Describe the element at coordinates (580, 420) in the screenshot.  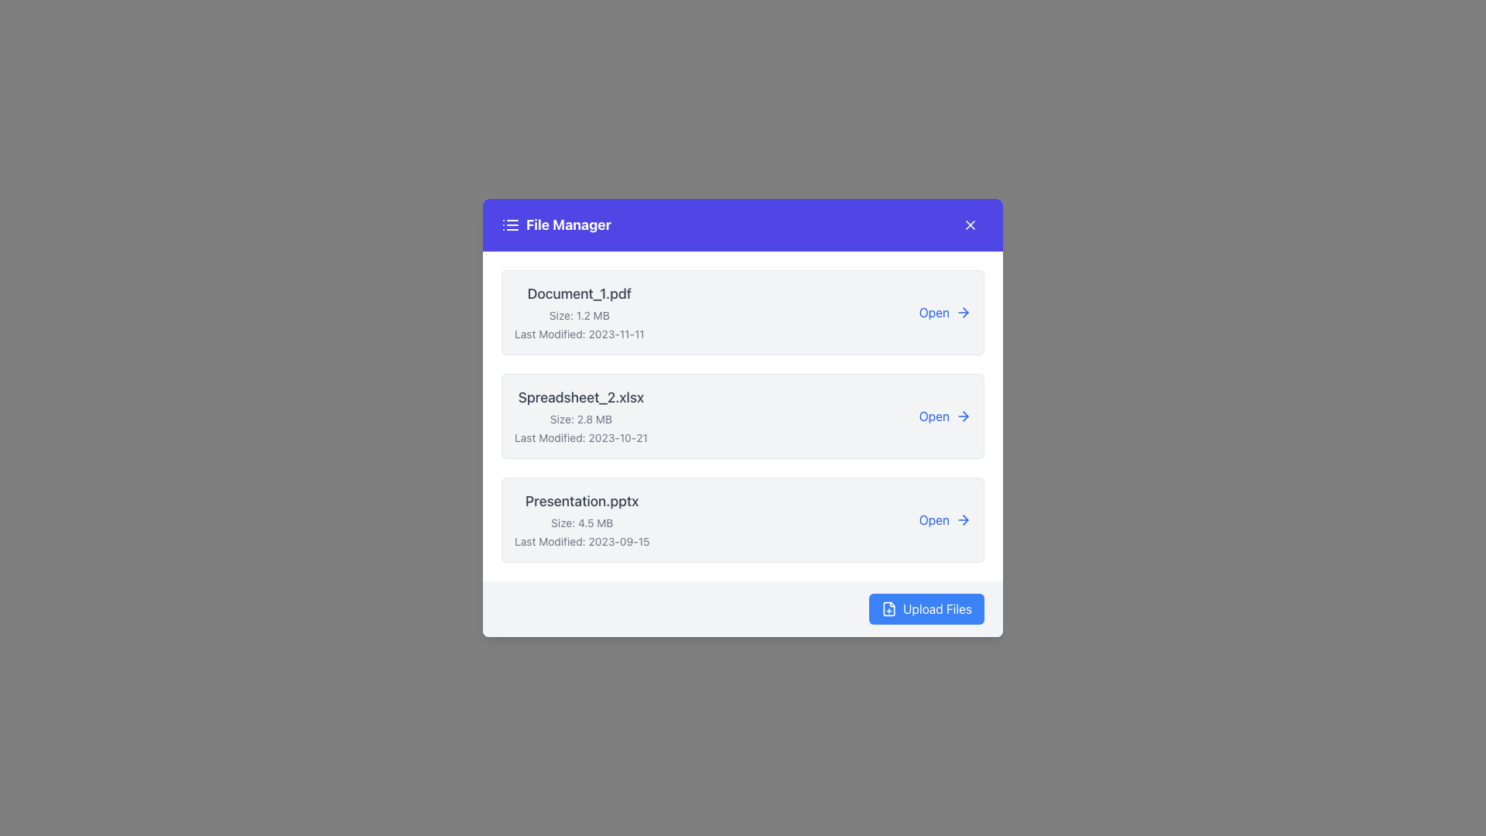
I see `text element located below 'Spreadsheet_2.xlsx' and above the 'Last Modified' attribute that describes the file size` at that location.